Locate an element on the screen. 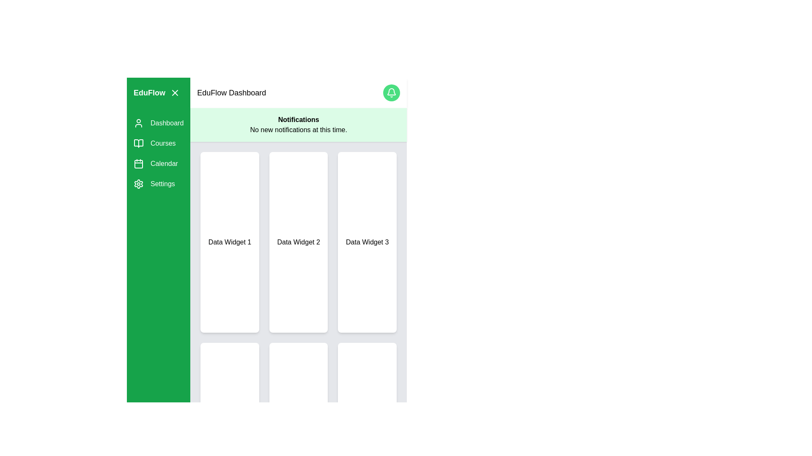  the 'Calendar' button, which is the third item in the vertical menu bar on the left, featuring a green background and a calendar icon is located at coordinates (159, 164).